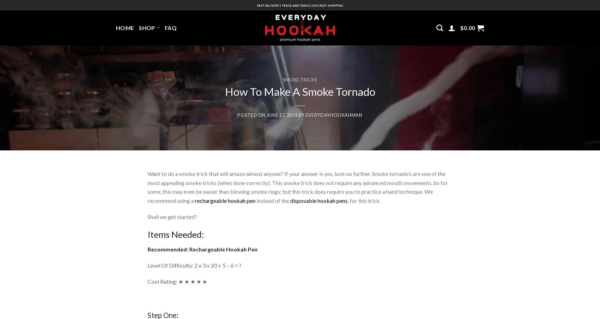 The width and height of the screenshot is (600, 319). Describe the element at coordinates (459, 28) in the screenshot. I see `'$'` at that location.